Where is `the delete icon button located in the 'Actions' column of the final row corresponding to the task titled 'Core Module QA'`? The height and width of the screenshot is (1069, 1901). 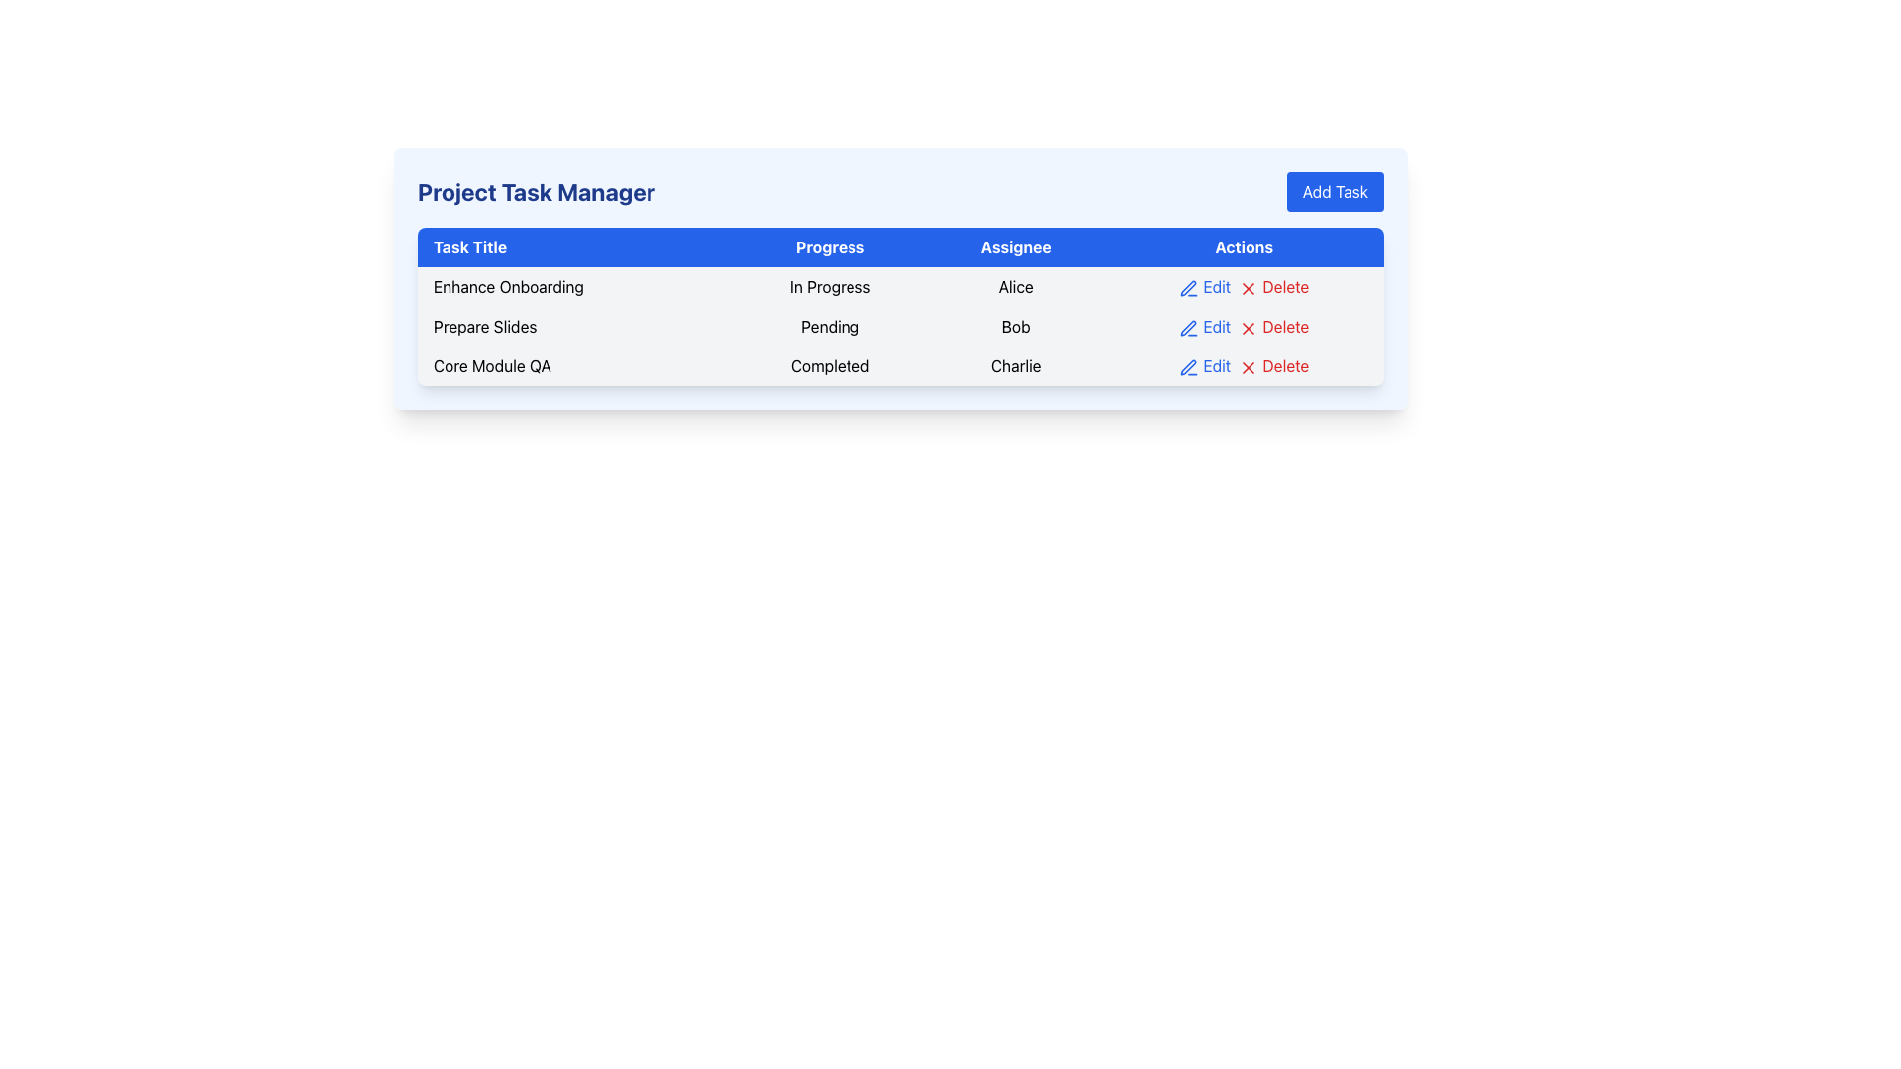
the delete icon button located in the 'Actions' column of the final row corresponding to the task titled 'Core Module QA' is located at coordinates (1248, 367).